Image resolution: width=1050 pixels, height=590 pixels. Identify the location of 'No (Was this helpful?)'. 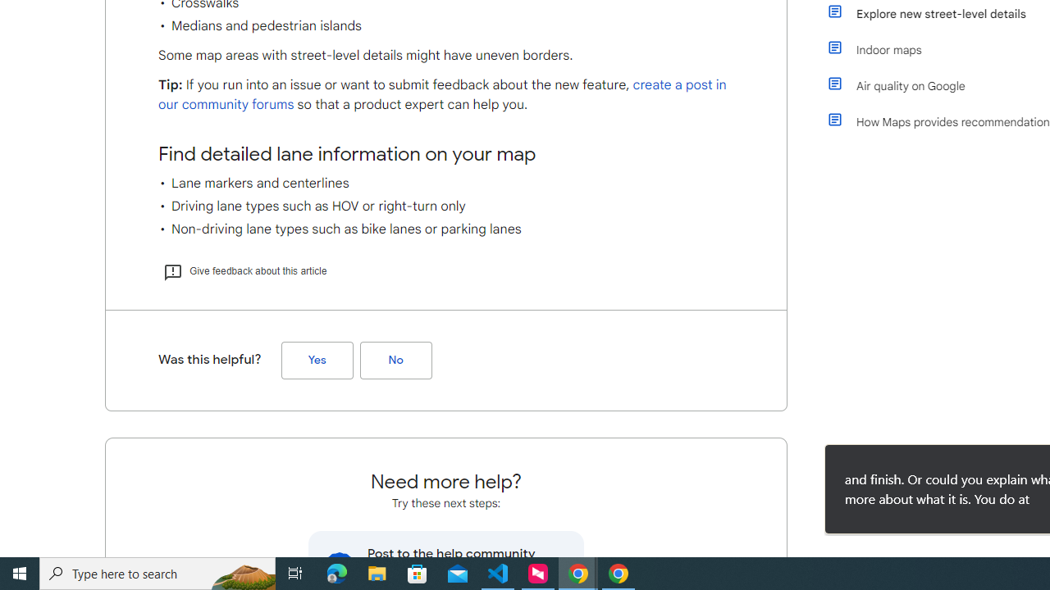
(395, 359).